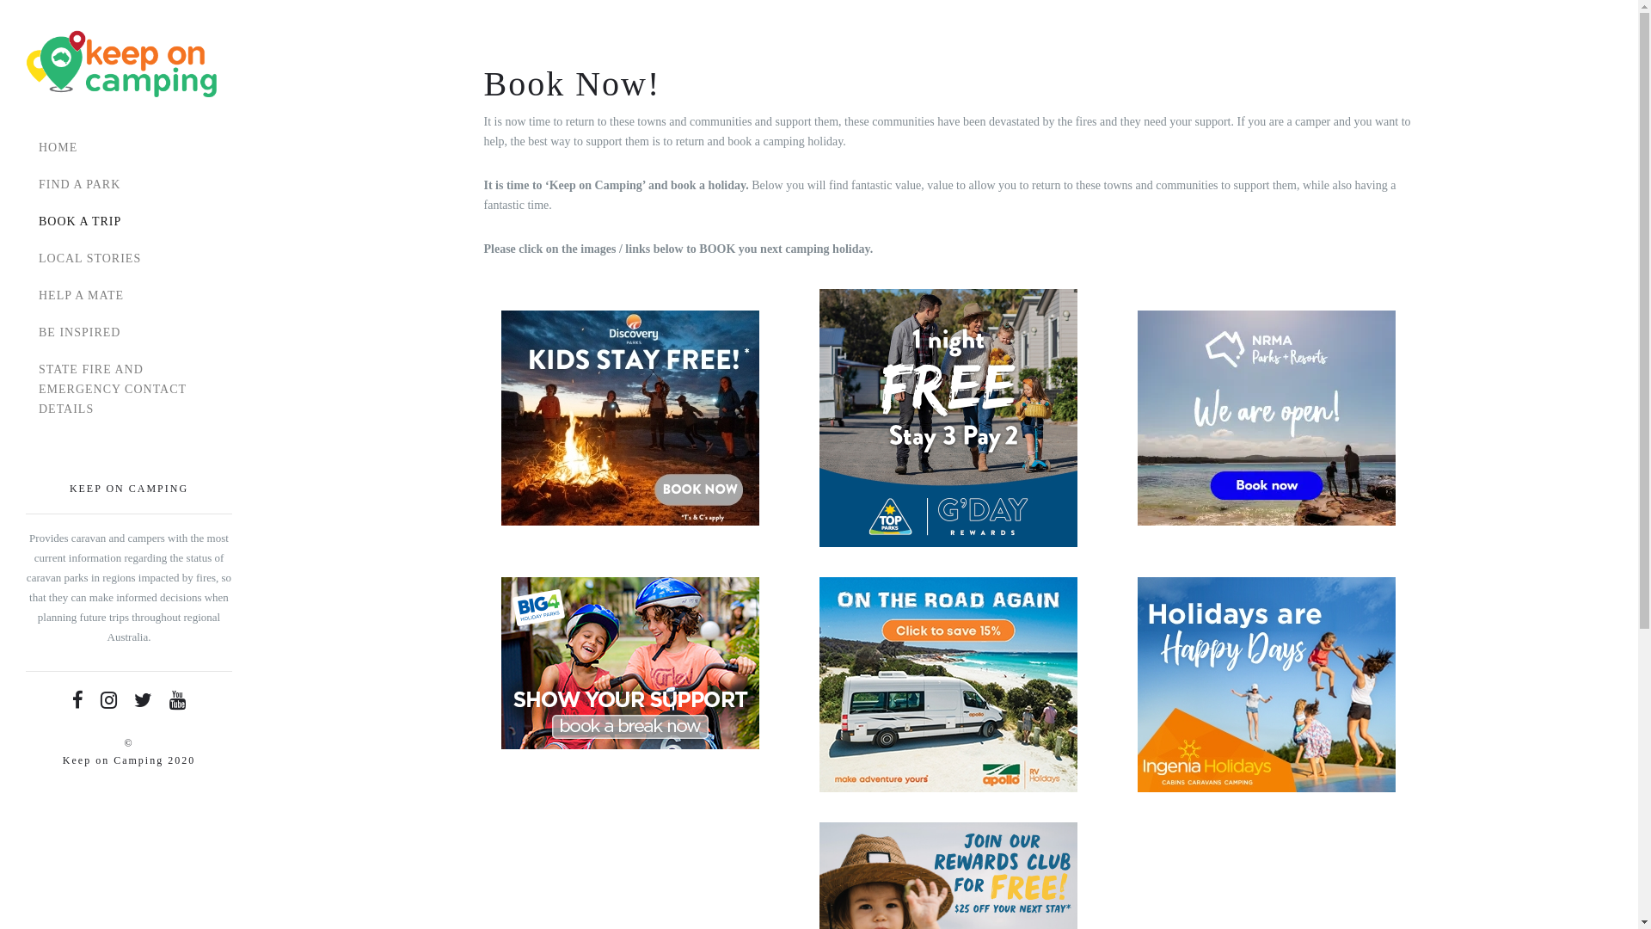 This screenshot has width=1651, height=929. I want to click on 'Facebook', so click(64, 700).